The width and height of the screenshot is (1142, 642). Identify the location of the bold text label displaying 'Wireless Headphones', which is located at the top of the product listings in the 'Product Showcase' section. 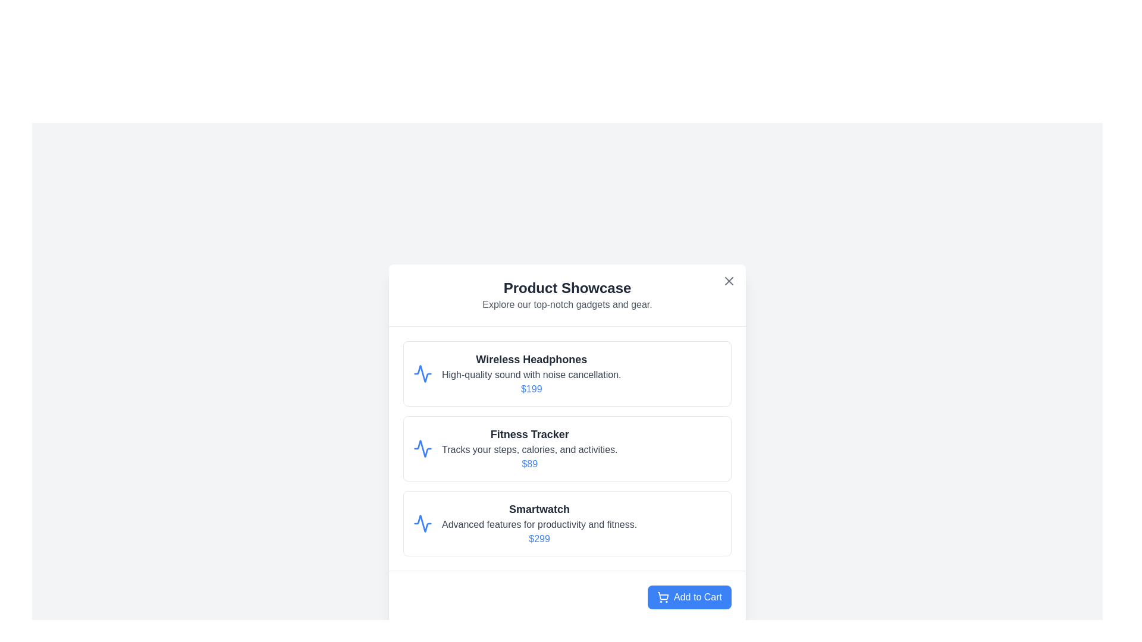
(531, 359).